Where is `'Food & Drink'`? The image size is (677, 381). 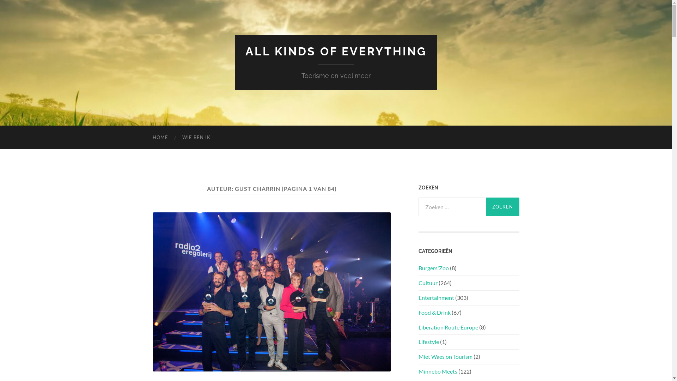
'Food & Drink' is located at coordinates (434, 312).